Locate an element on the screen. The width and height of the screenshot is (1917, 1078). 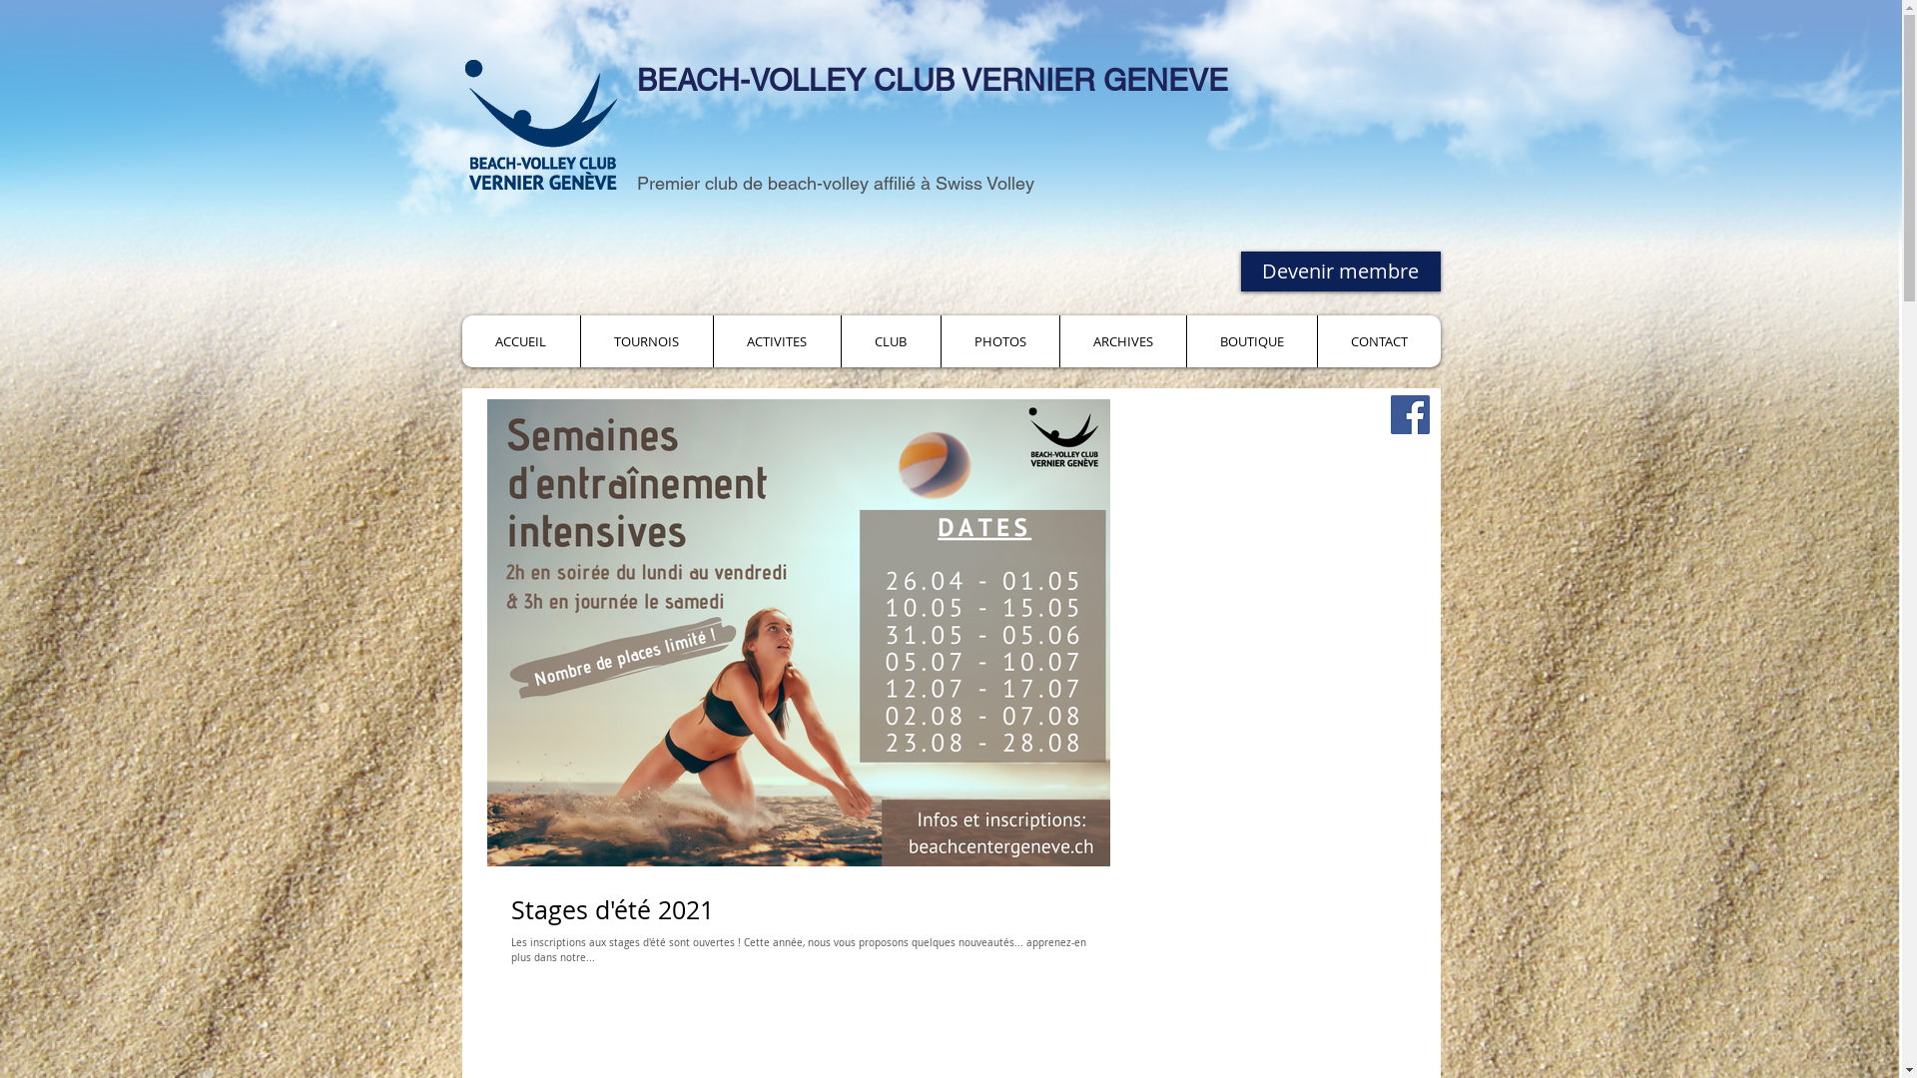
'Devenir membre' is located at coordinates (1239, 271).